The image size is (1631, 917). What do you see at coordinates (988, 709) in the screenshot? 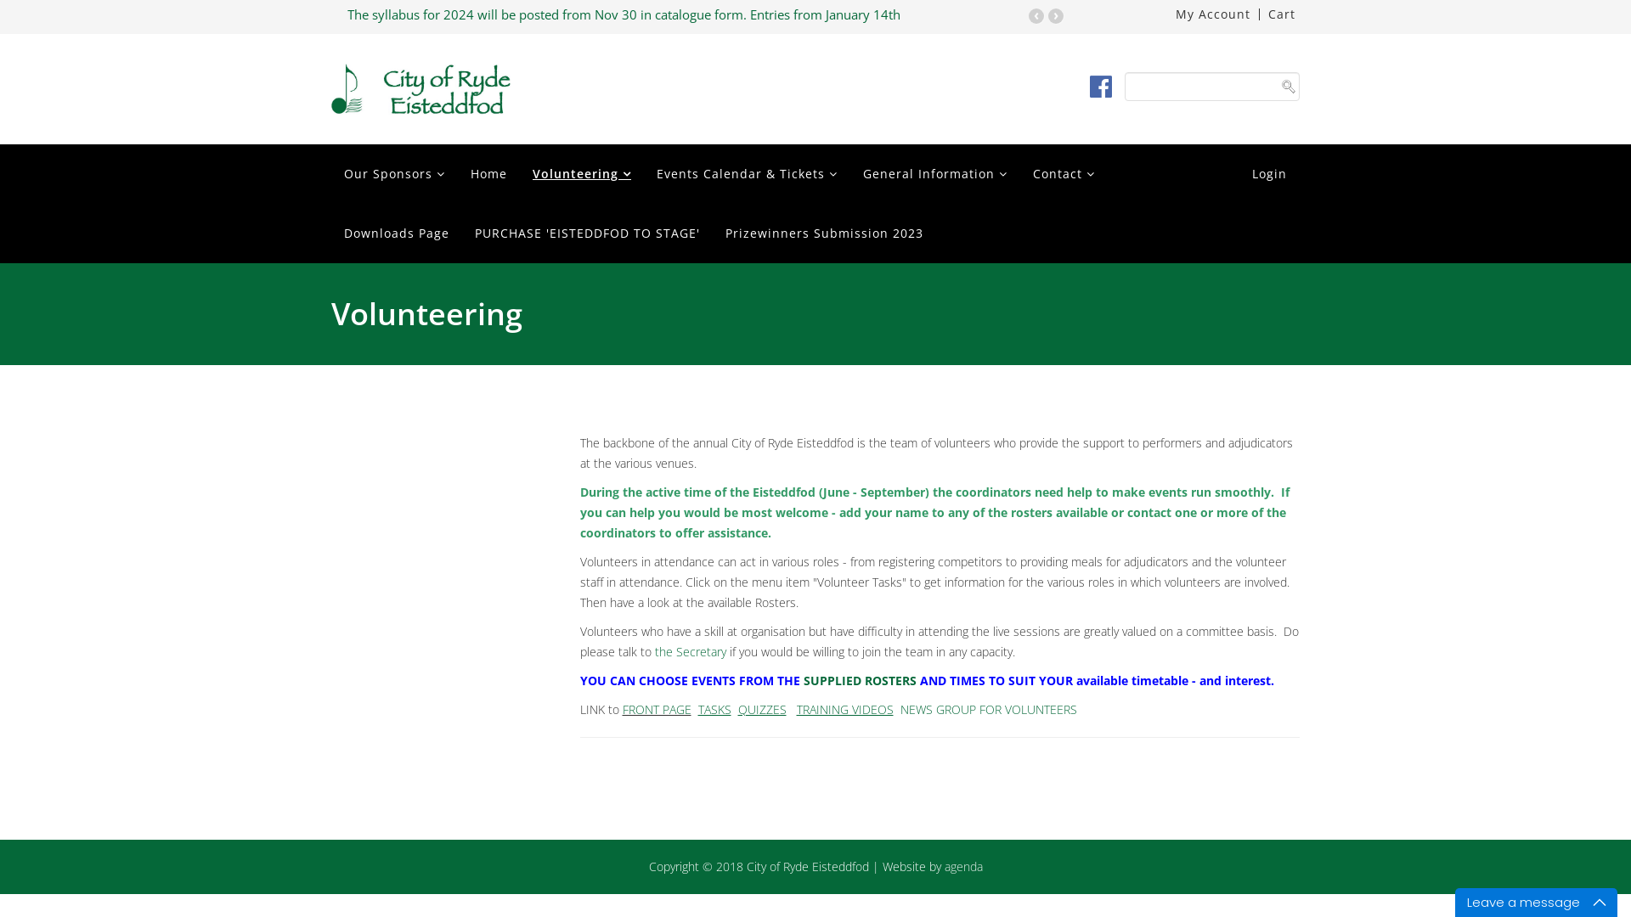
I see `'NEWS GROUP FOR VOLUNTEERS'` at bounding box center [988, 709].